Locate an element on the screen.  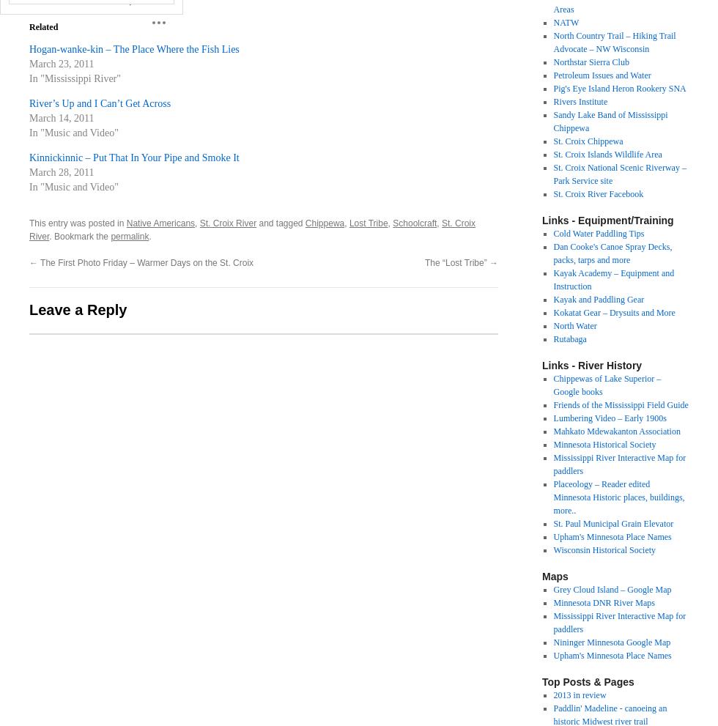
'Rivers Institute' is located at coordinates (580, 102).